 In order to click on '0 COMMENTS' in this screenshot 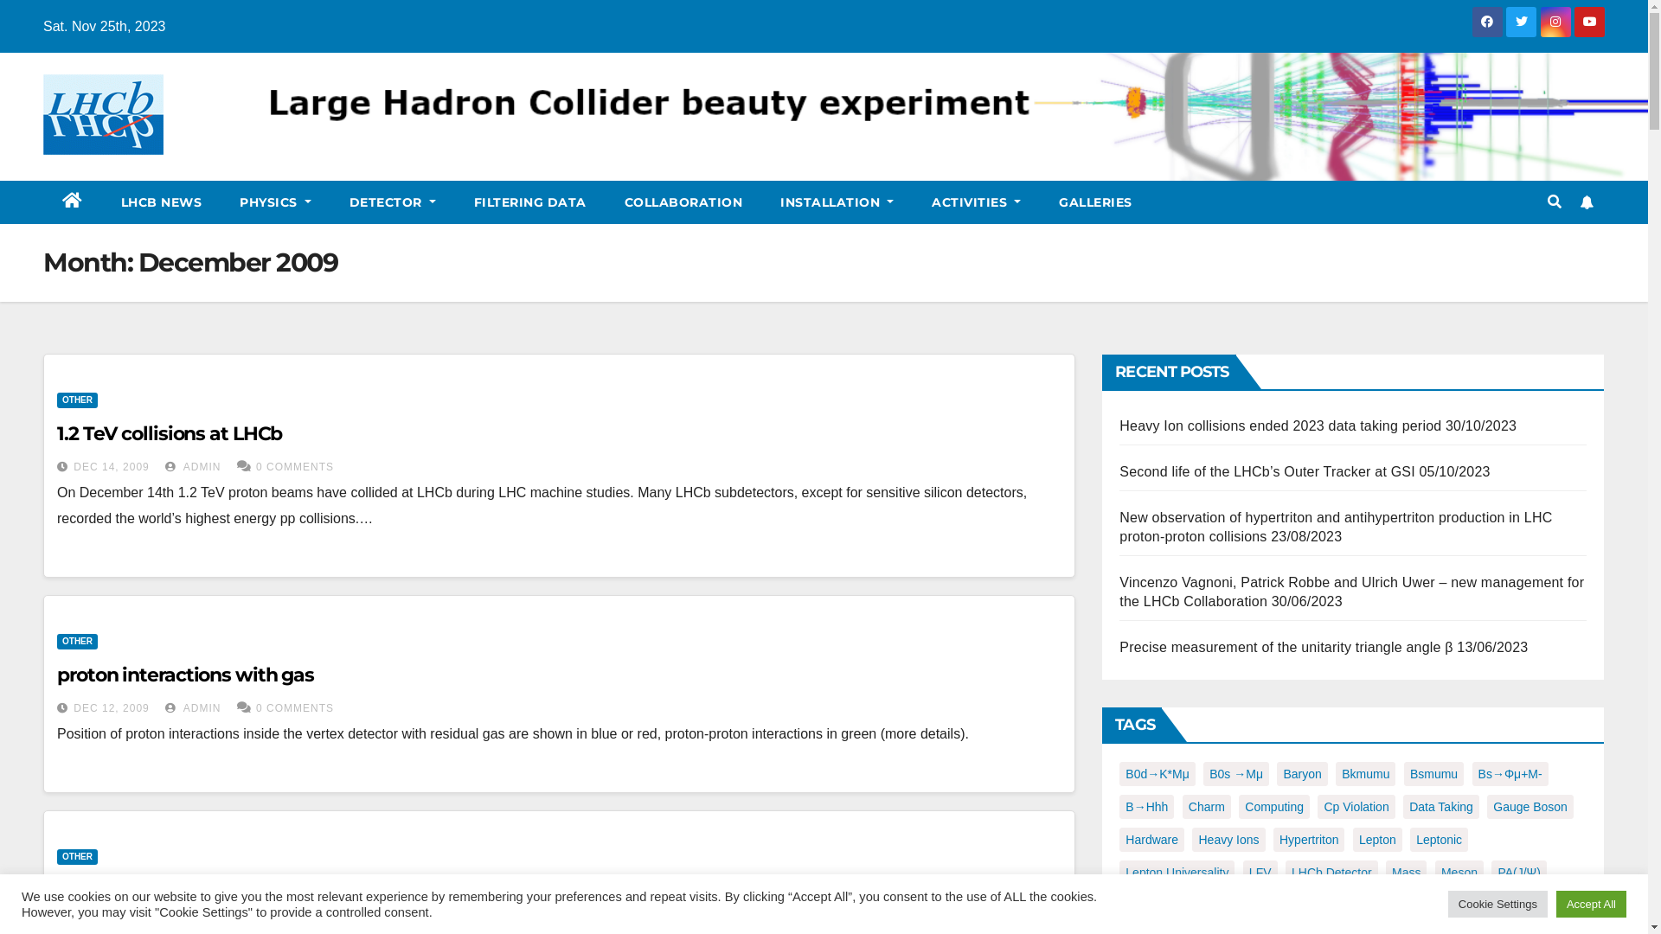, I will do `click(255, 467)`.